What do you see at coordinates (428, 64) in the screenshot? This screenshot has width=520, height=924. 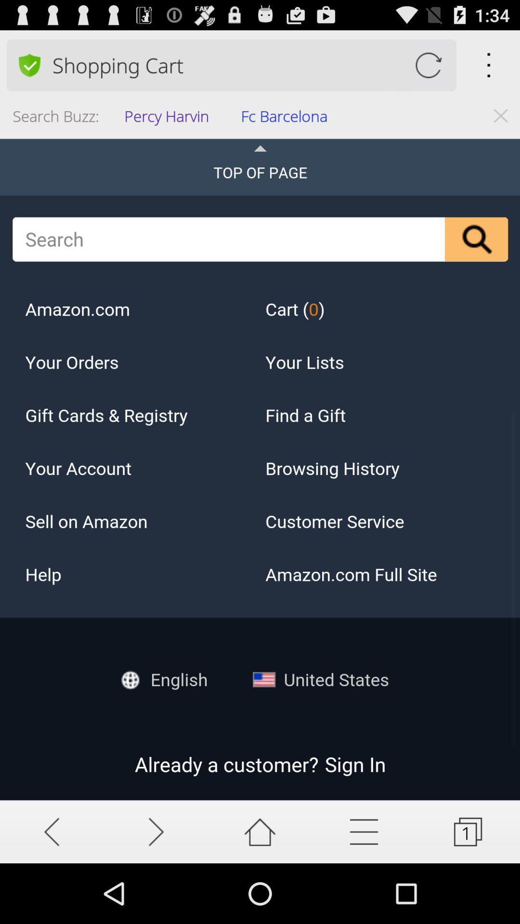 I see `refresh` at bounding box center [428, 64].